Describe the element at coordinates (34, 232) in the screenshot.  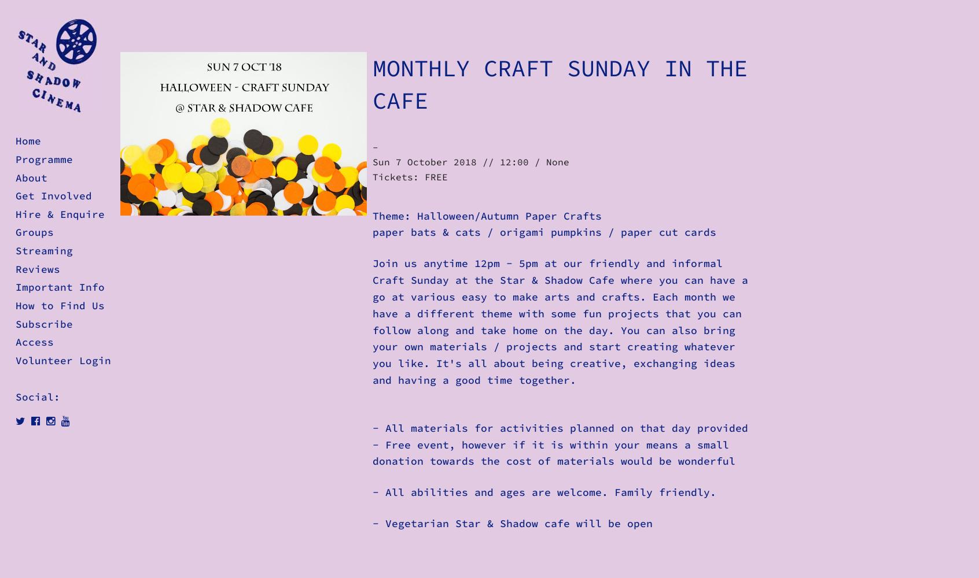
I see `'Groups'` at that location.